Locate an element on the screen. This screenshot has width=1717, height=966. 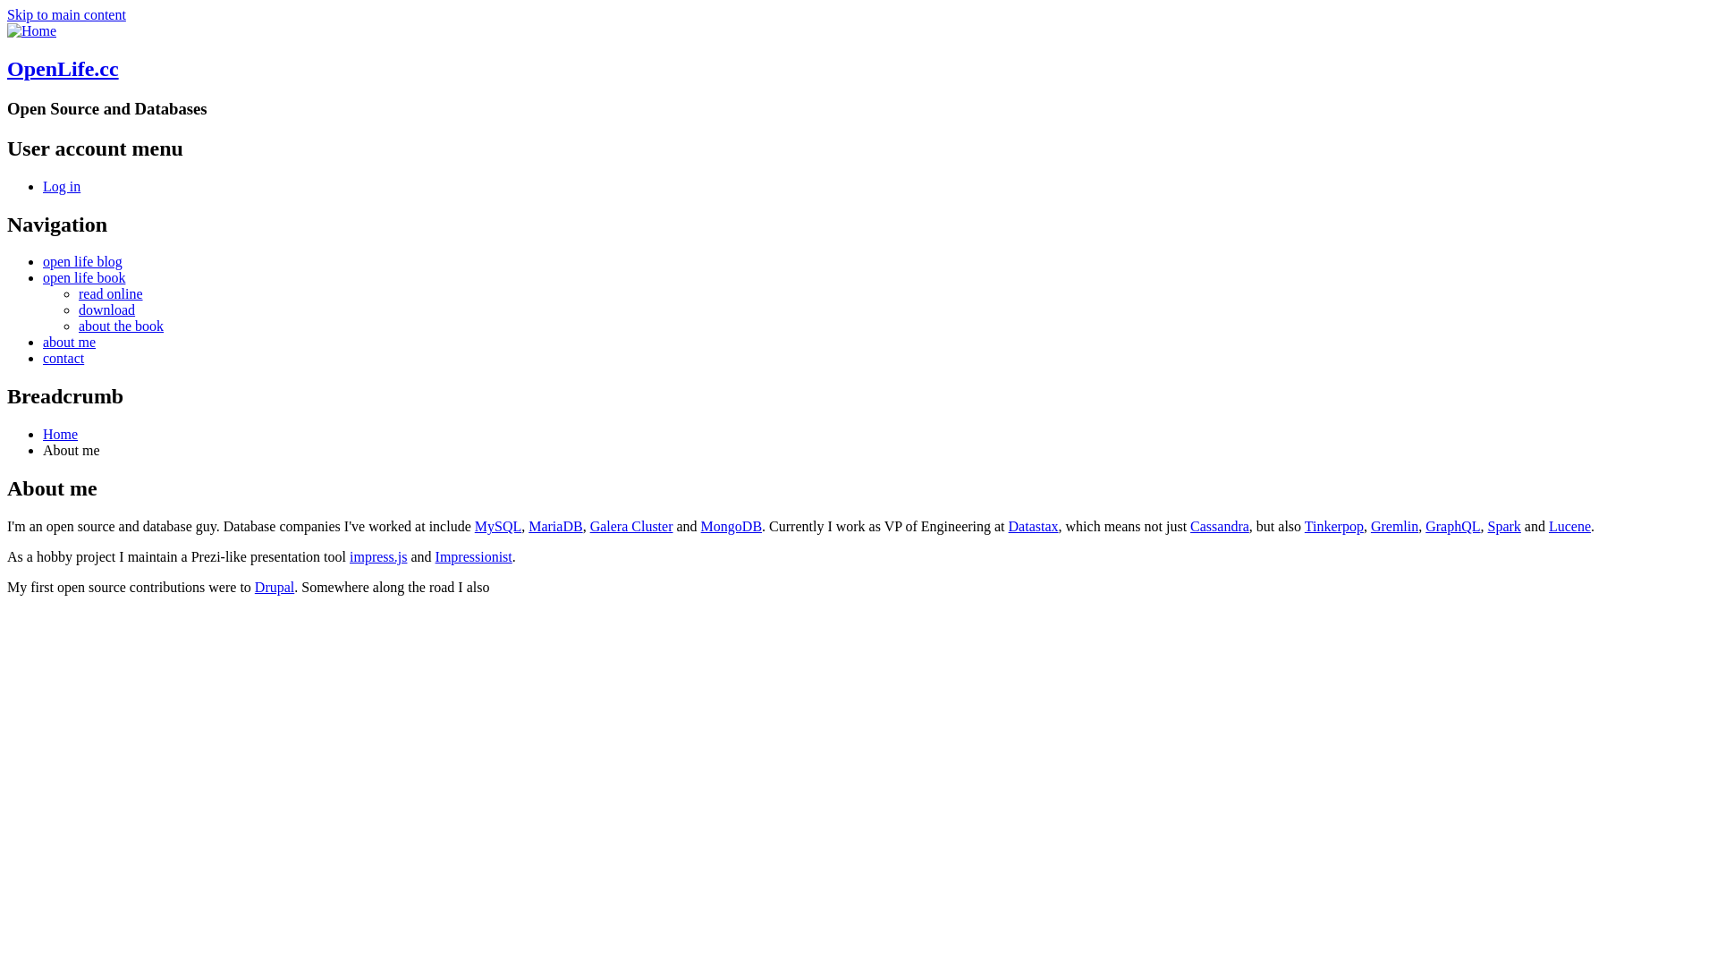
'Home' is located at coordinates (60, 434).